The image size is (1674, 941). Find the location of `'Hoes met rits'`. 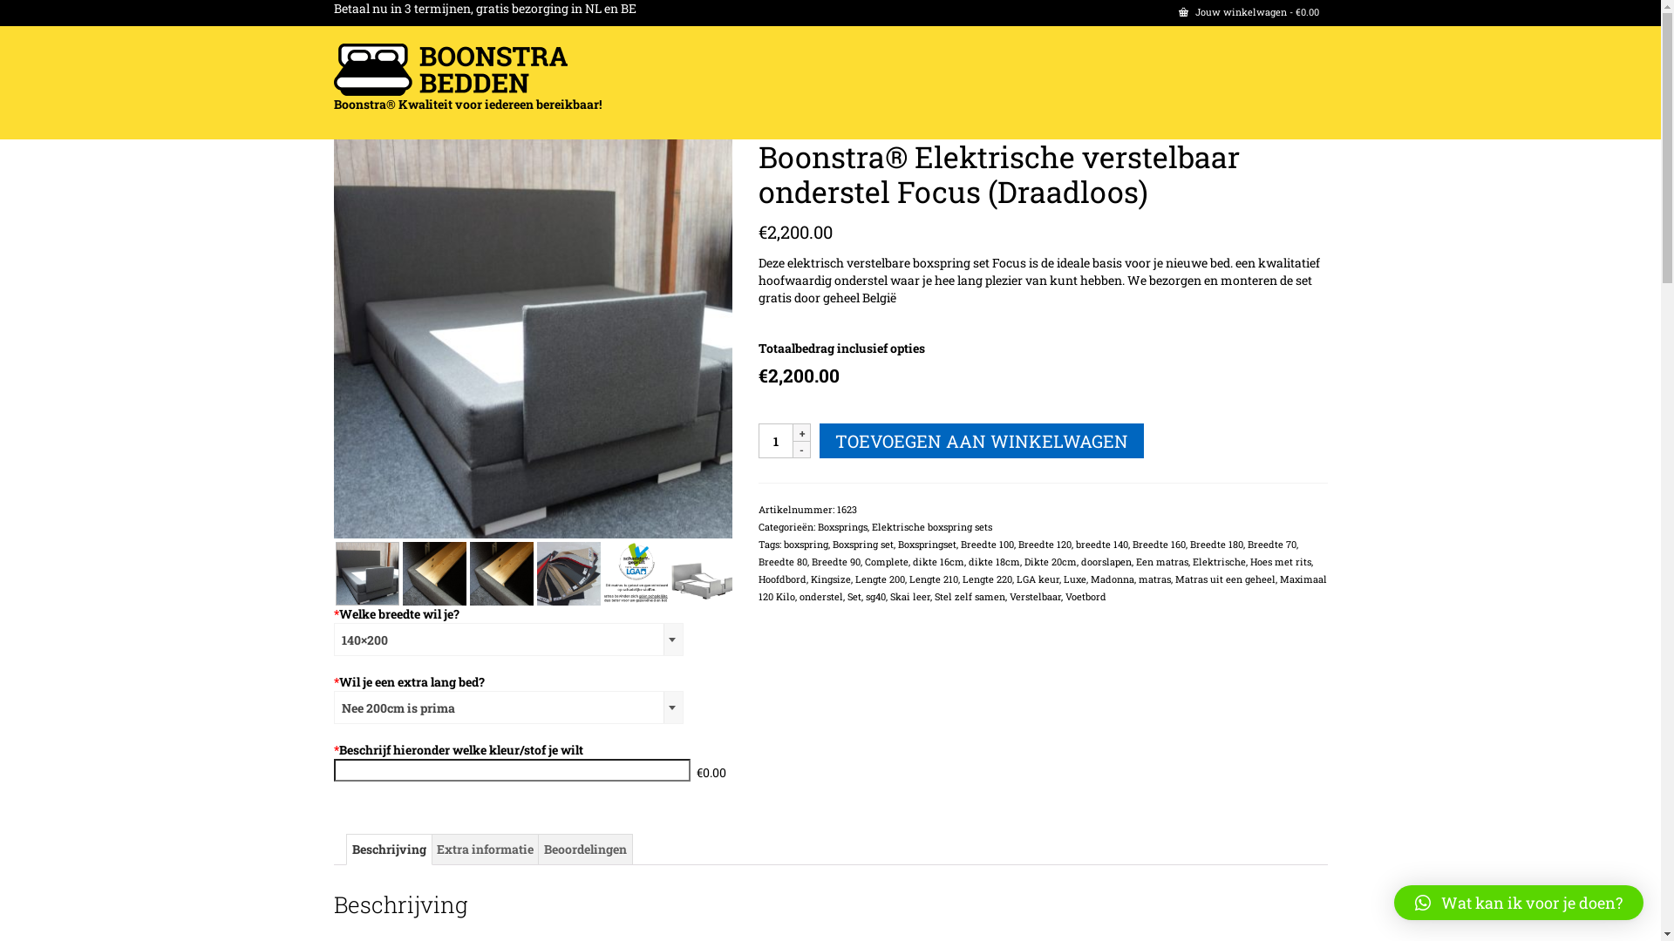

'Hoes met rits' is located at coordinates (1280, 561).